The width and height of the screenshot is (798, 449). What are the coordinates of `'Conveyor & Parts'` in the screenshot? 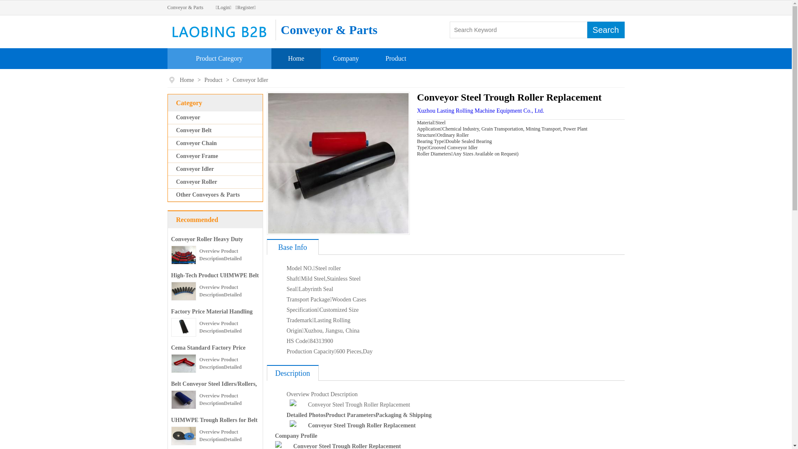 It's located at (185, 7).